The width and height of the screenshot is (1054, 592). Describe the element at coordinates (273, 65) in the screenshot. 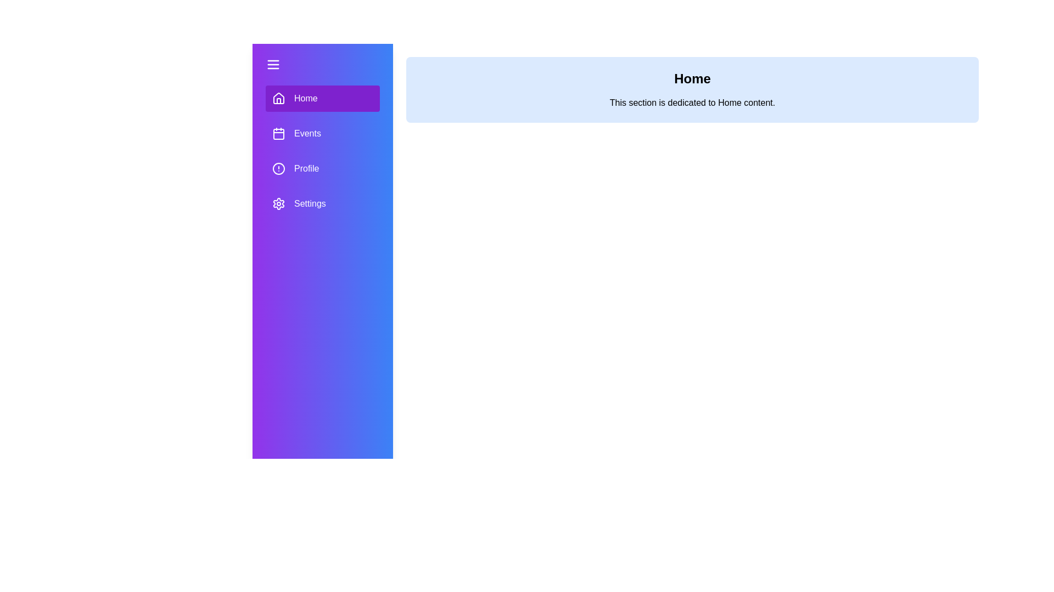

I see `the hamburger menu icon, which consists of three horizontal white lines centered within a purple square at the top-left corner of the sidebar` at that location.